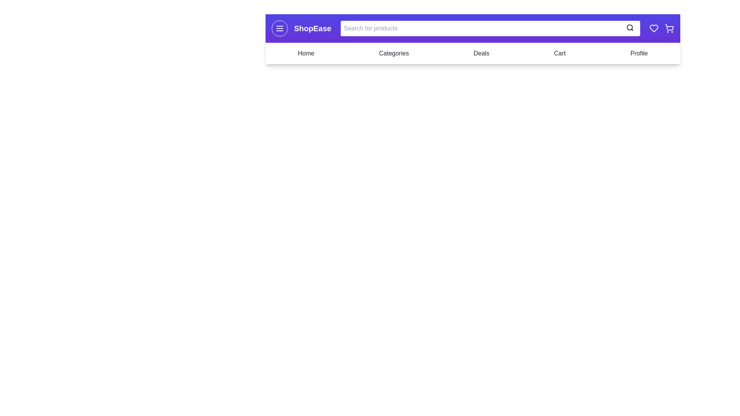 This screenshot has width=740, height=416. What do you see at coordinates (305, 53) in the screenshot?
I see `the navigation link Home to navigate to the respective section` at bounding box center [305, 53].